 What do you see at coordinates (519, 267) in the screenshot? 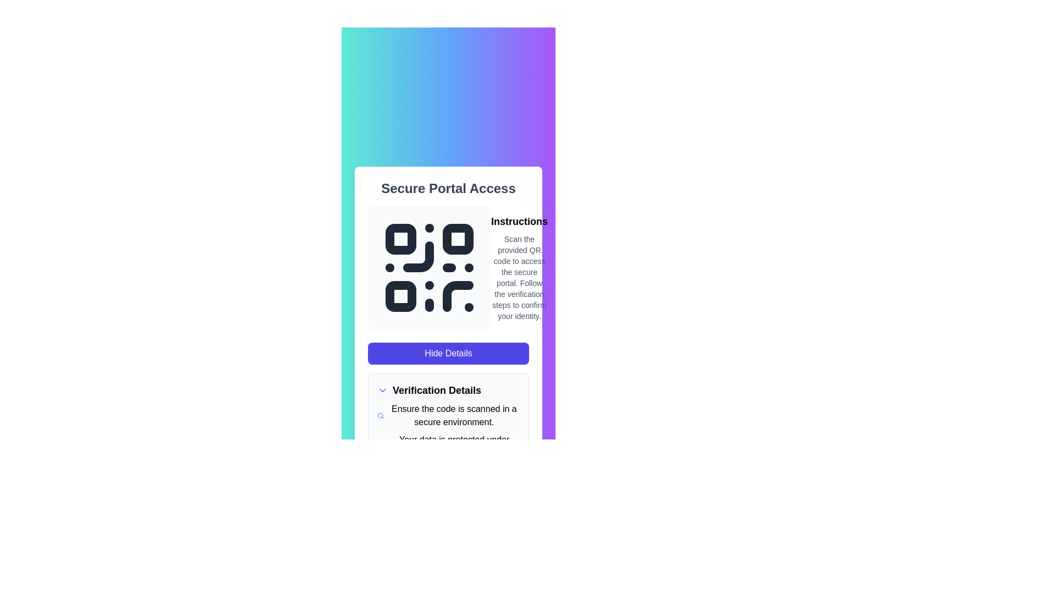
I see `text block labeled 'Instructions' that is located to the right of the displayed QR code for understanding` at bounding box center [519, 267].